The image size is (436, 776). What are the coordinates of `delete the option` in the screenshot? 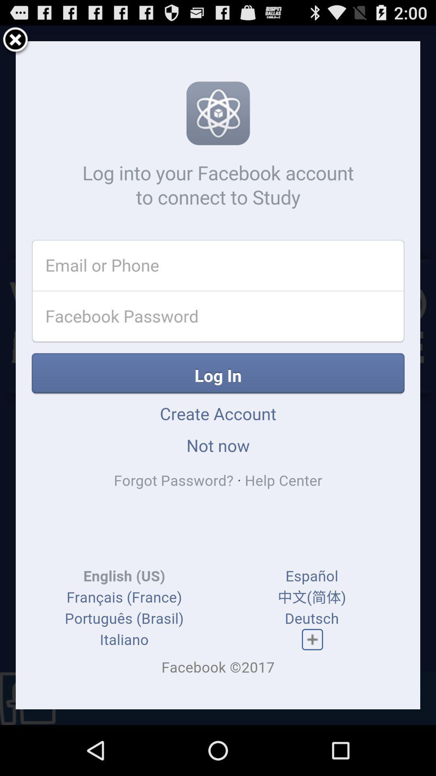 It's located at (15, 40).